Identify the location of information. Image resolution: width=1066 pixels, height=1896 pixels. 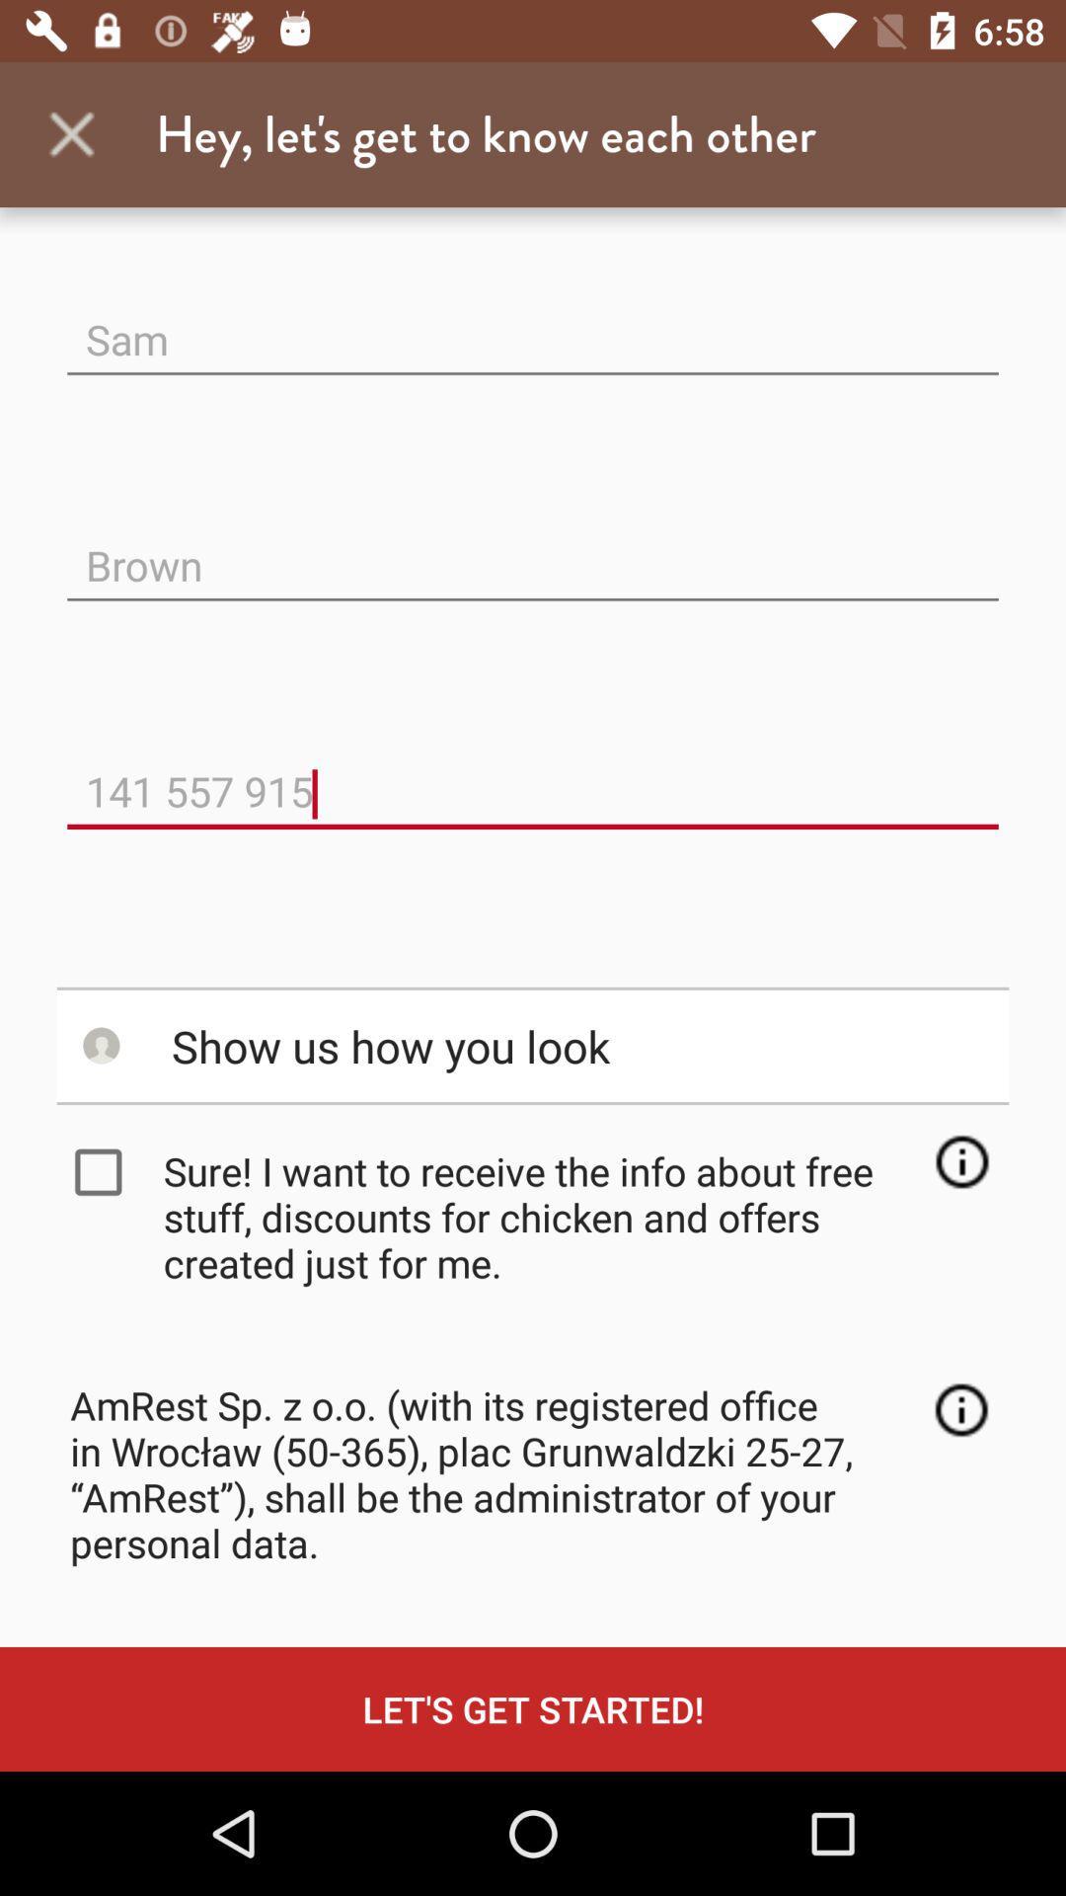
(960, 1408).